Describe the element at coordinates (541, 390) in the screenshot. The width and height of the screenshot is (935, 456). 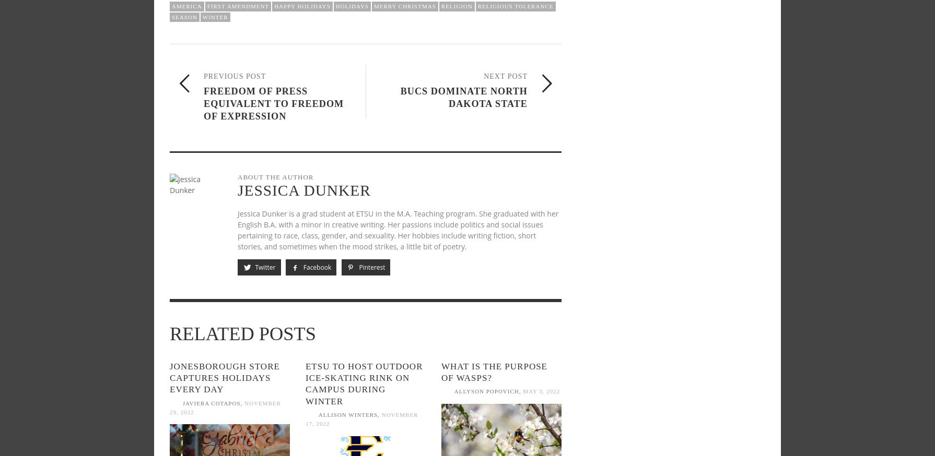
I see `'May 3, 2022'` at that location.